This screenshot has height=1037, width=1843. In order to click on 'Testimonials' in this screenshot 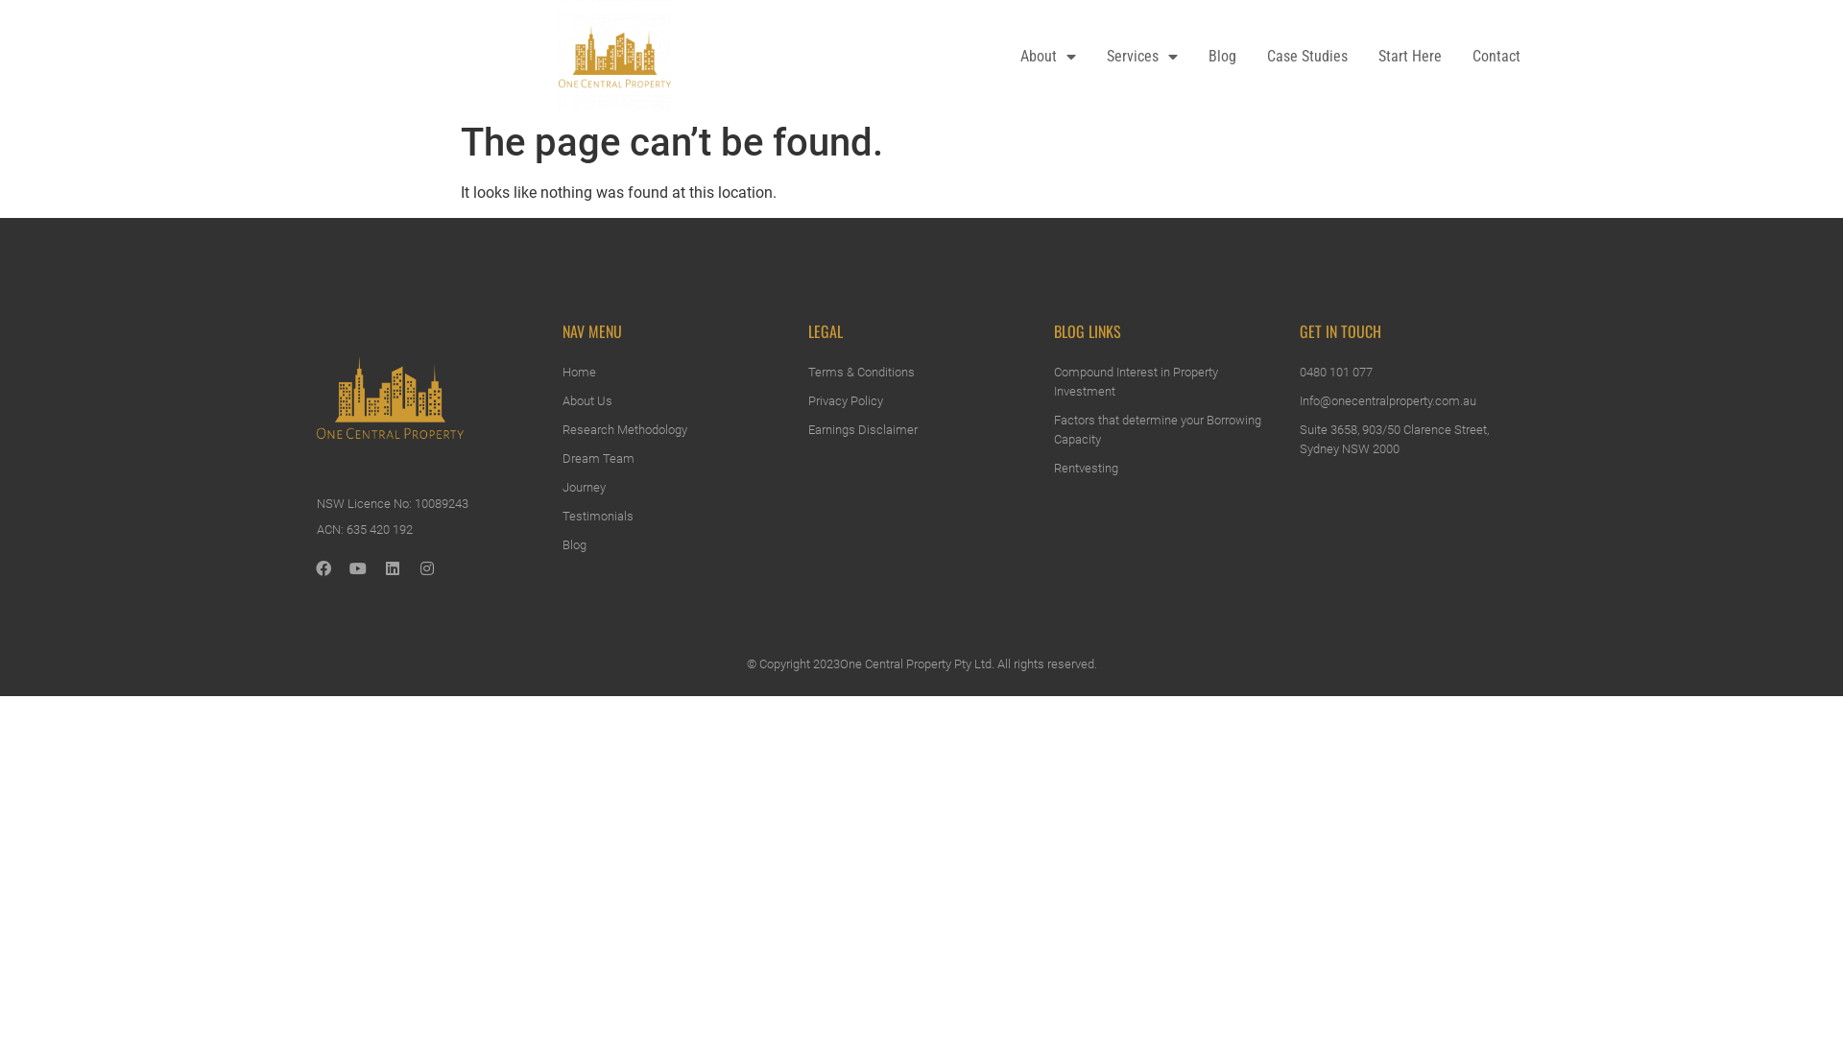, I will do `click(676, 515)`.